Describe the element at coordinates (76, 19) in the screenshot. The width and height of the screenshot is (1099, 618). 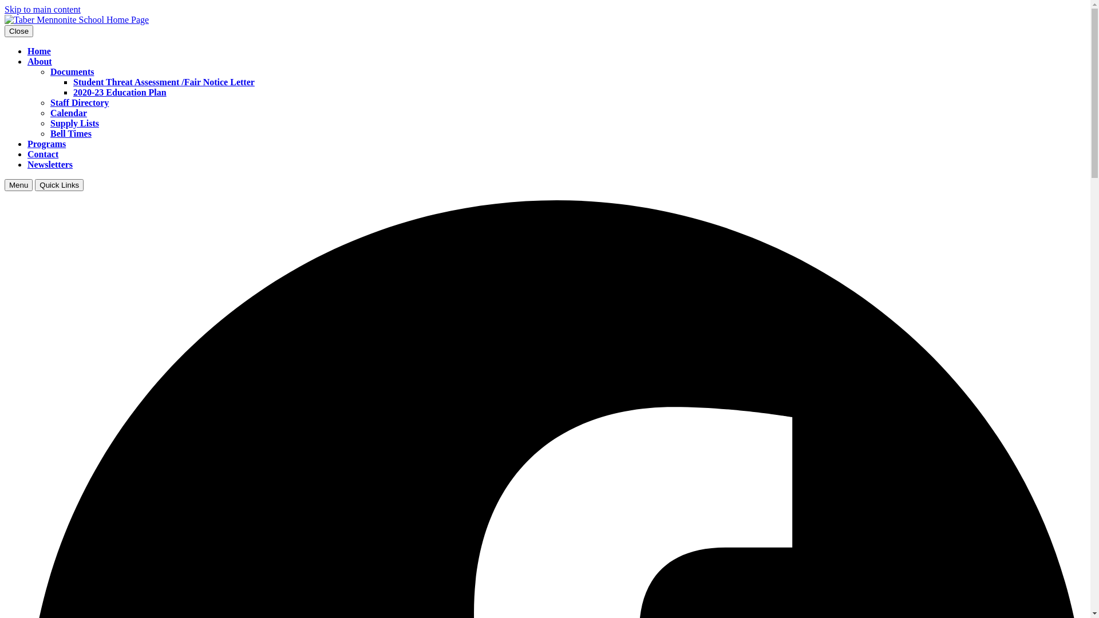
I see `'home'` at that location.